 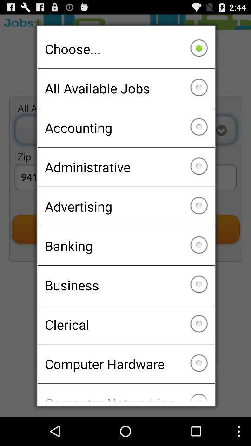 I want to click on the icon above computer networking checkbox, so click(x=125, y=364).